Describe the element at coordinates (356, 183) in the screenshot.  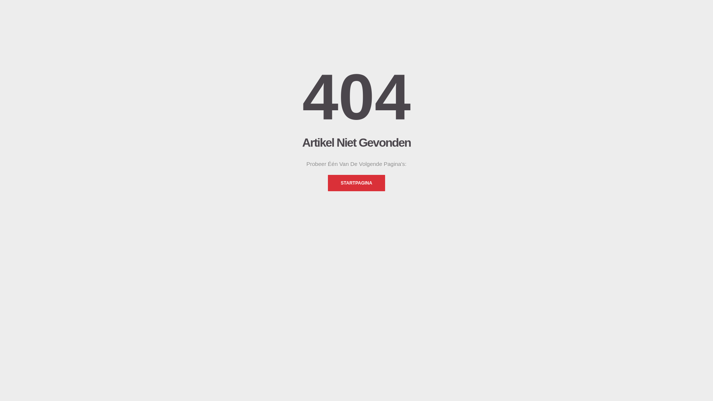
I see `'STARTPAGINA'` at that location.